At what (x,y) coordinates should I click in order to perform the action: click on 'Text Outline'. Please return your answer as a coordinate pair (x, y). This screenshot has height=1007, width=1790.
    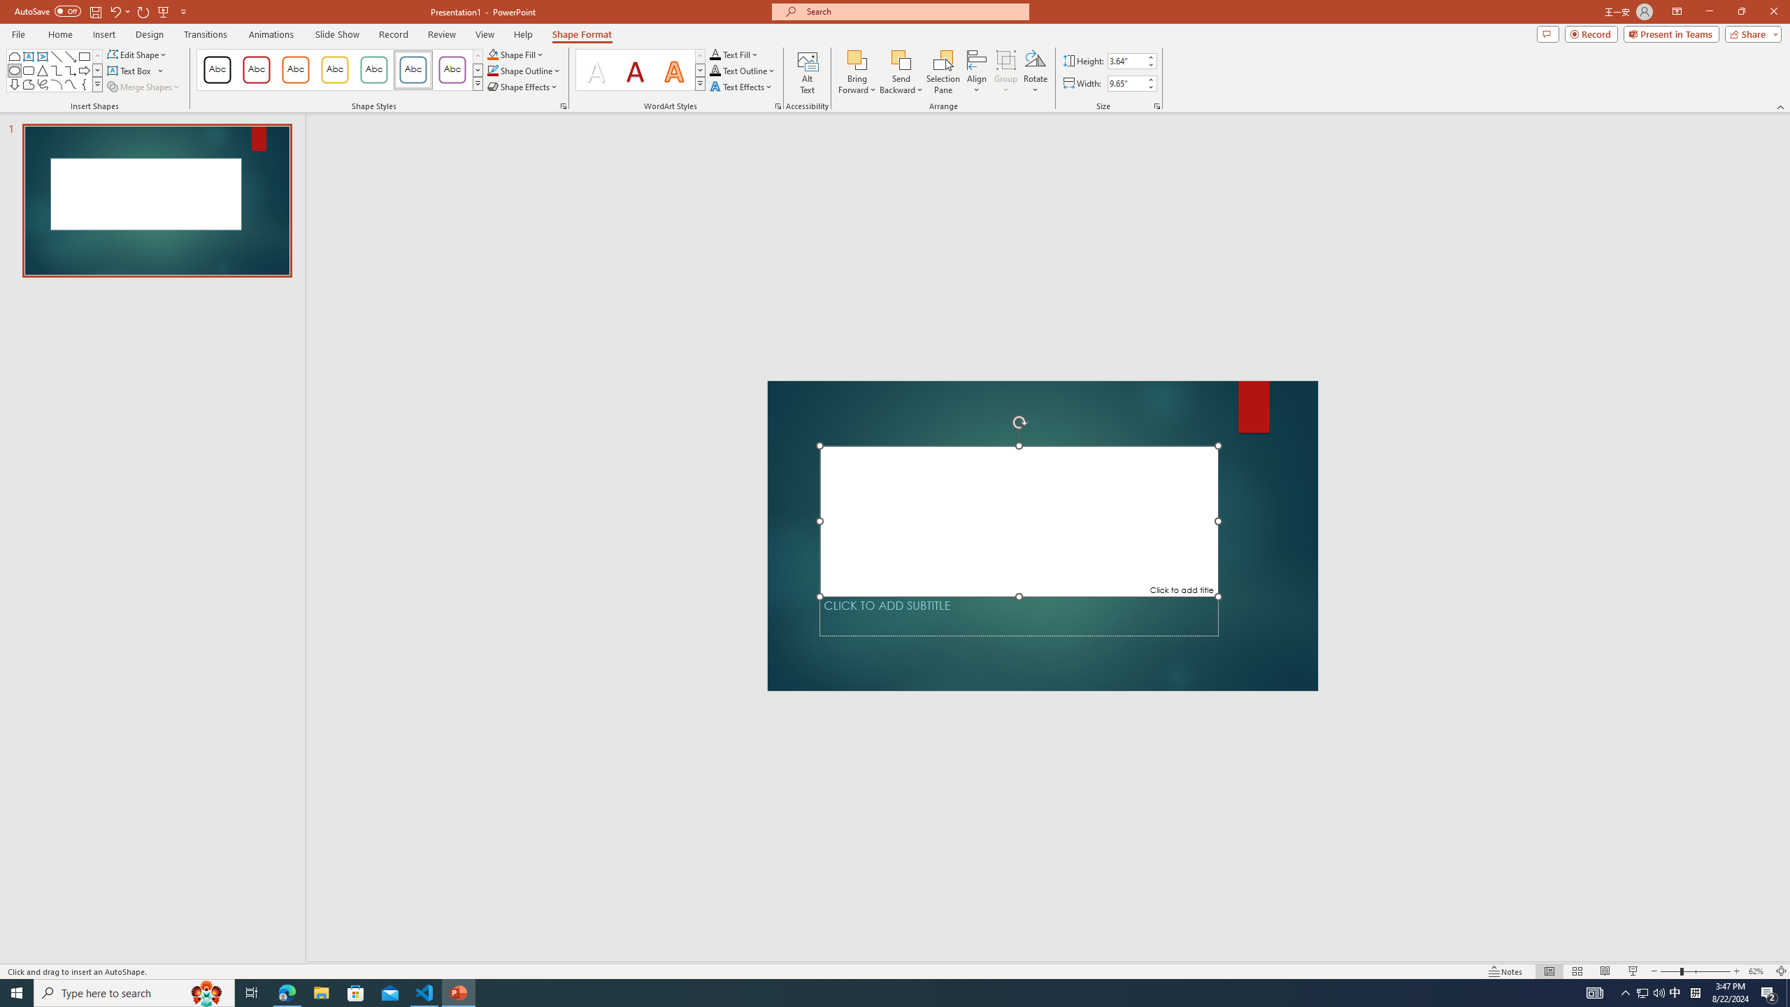
    Looking at the image, I should click on (742, 69).